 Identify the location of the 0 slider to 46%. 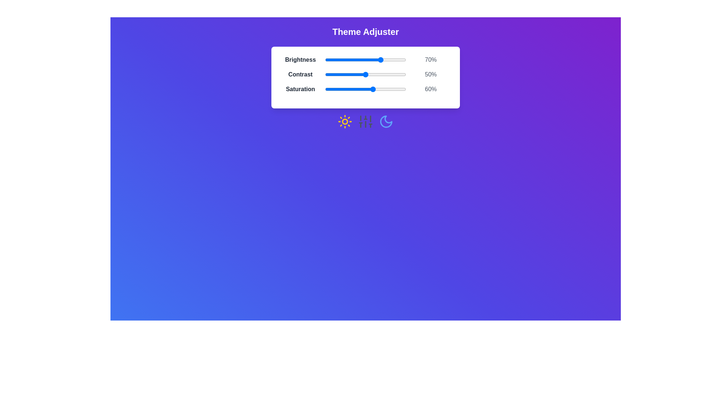
(362, 59).